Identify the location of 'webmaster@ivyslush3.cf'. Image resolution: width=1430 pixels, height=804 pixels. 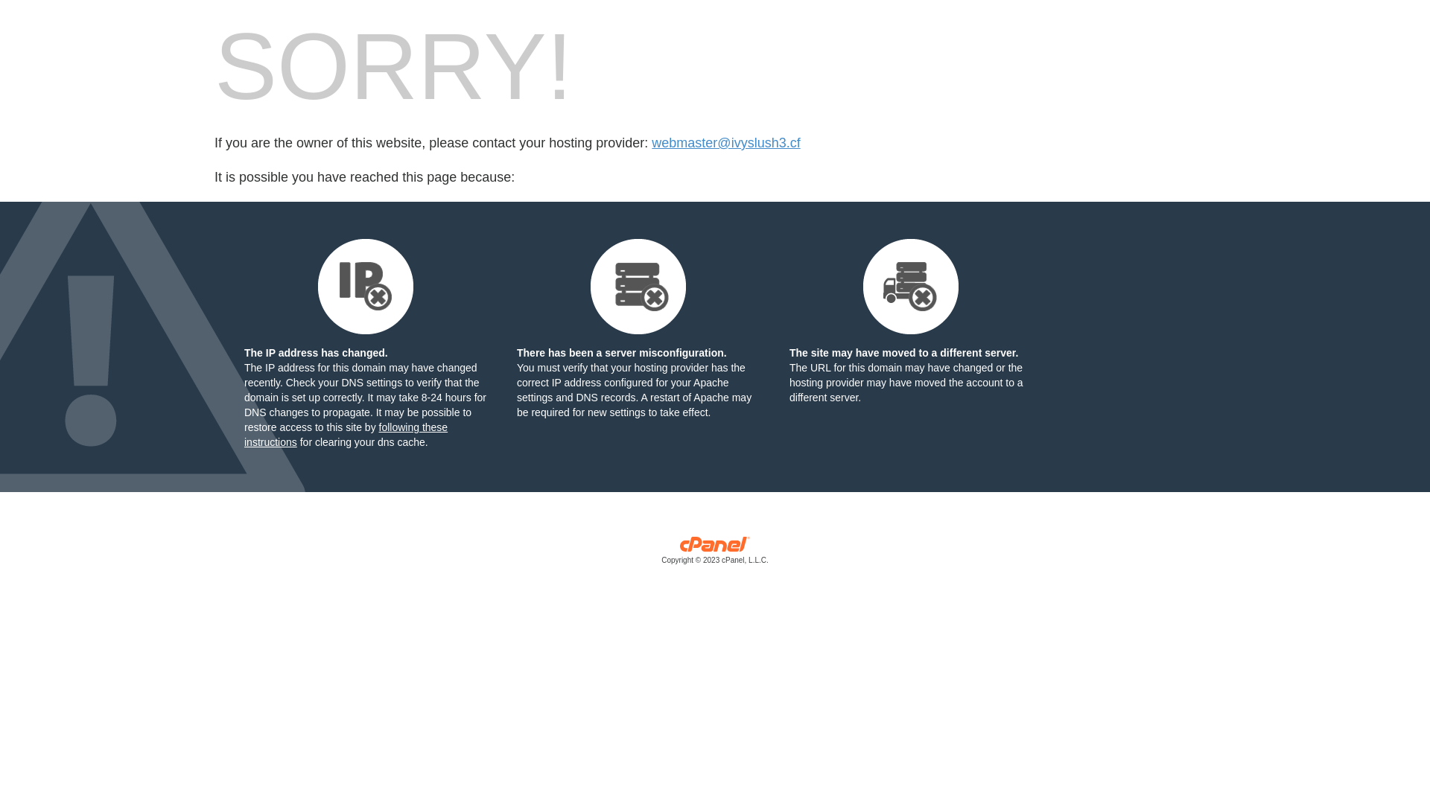
(651, 143).